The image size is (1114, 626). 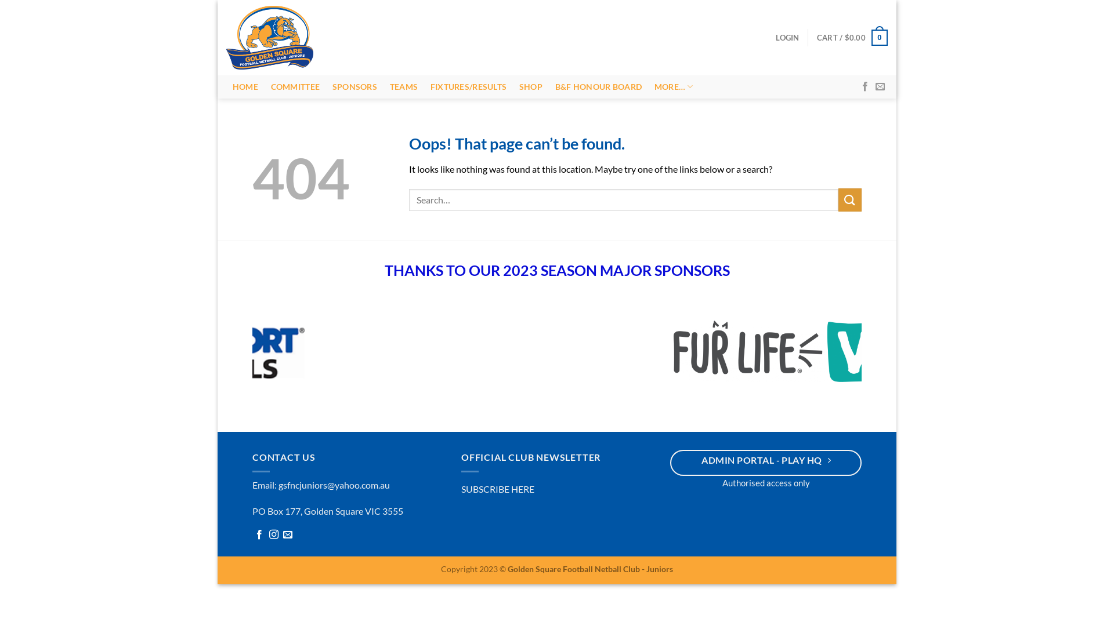 I want to click on 'B&F HONOUR BOARD', so click(x=598, y=86).